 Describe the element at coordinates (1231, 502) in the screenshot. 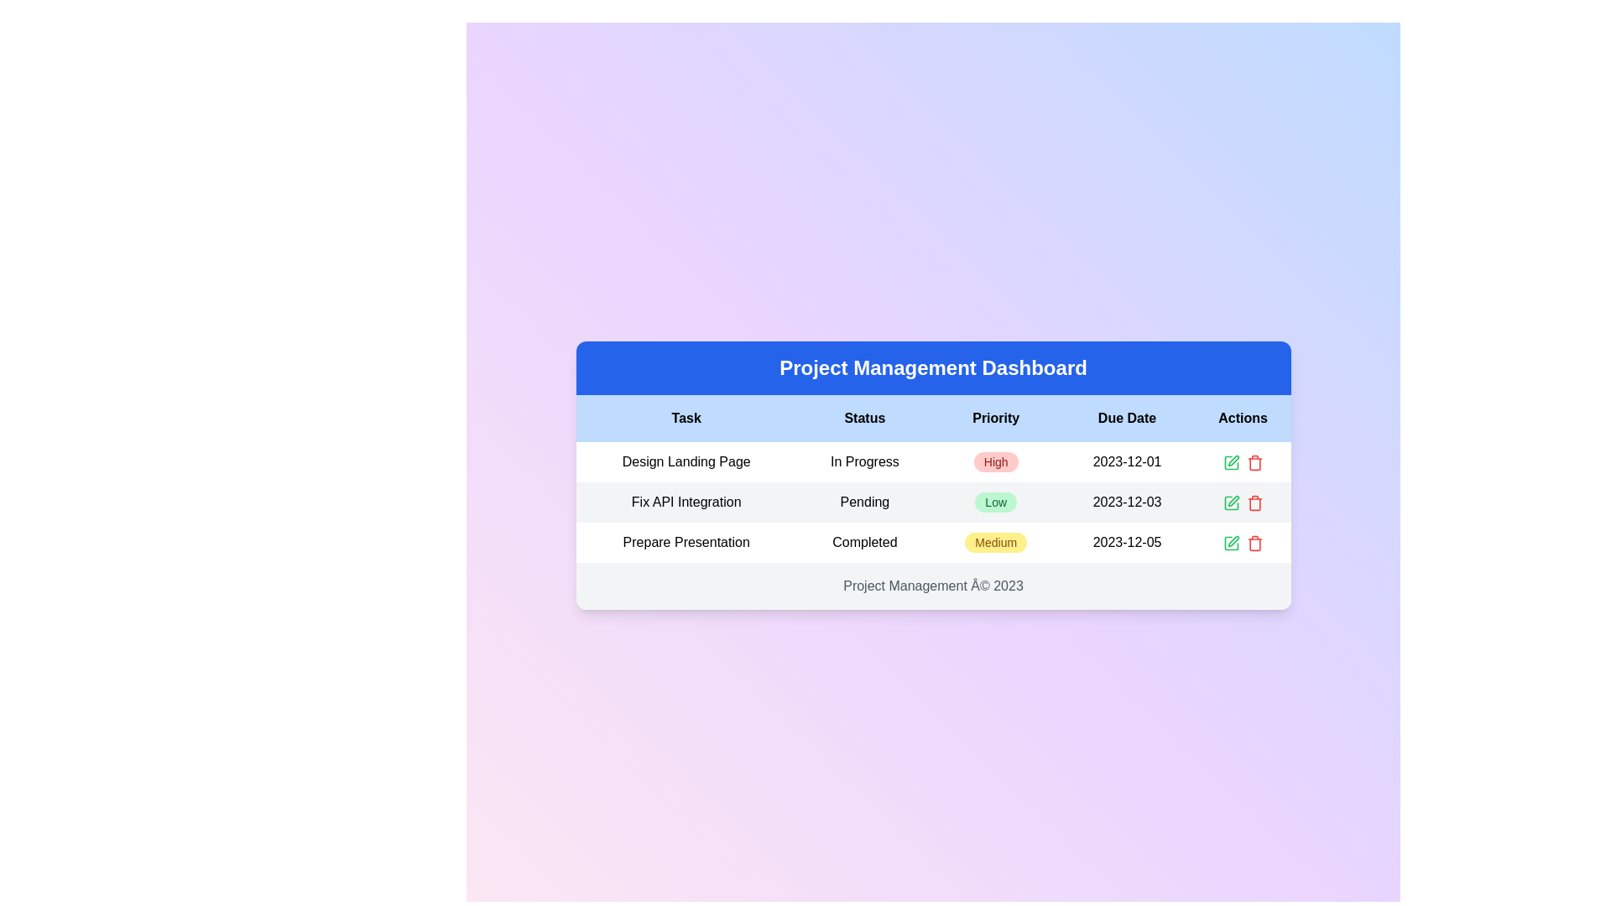

I see `the Vector graphic icon that represents an actionable function, likely 'edit', which is outlined in a thin stroke and located in the 'Actions' column of the third row of the table` at that location.